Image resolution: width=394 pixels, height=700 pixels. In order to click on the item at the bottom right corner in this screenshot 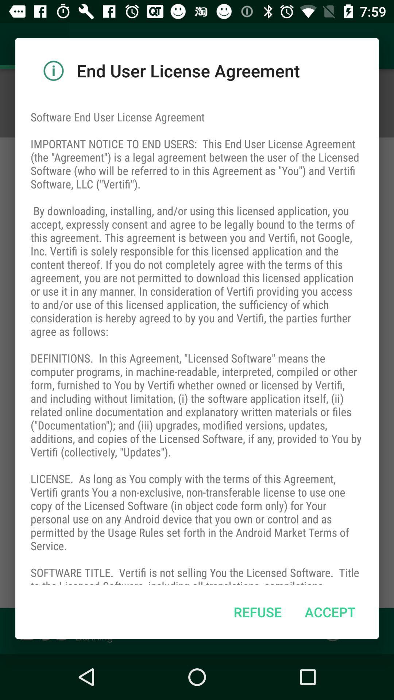, I will do `click(330, 612)`.